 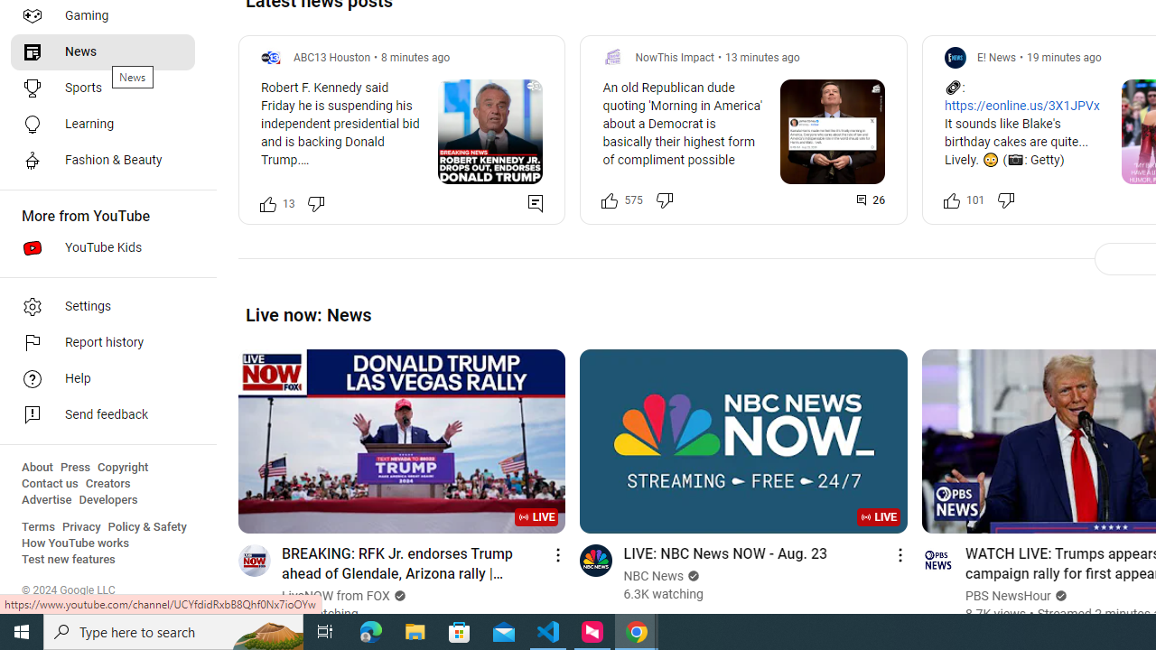 I want to click on 'Developers', so click(x=107, y=500).